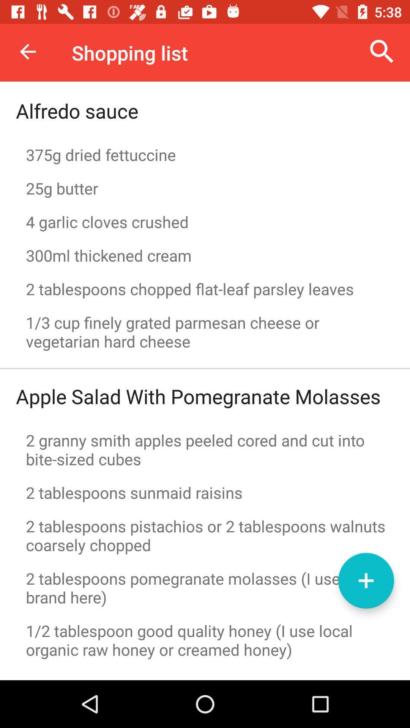 The image size is (410, 728). Describe the element at coordinates (382, 51) in the screenshot. I see `item to the right of the shopping list` at that location.